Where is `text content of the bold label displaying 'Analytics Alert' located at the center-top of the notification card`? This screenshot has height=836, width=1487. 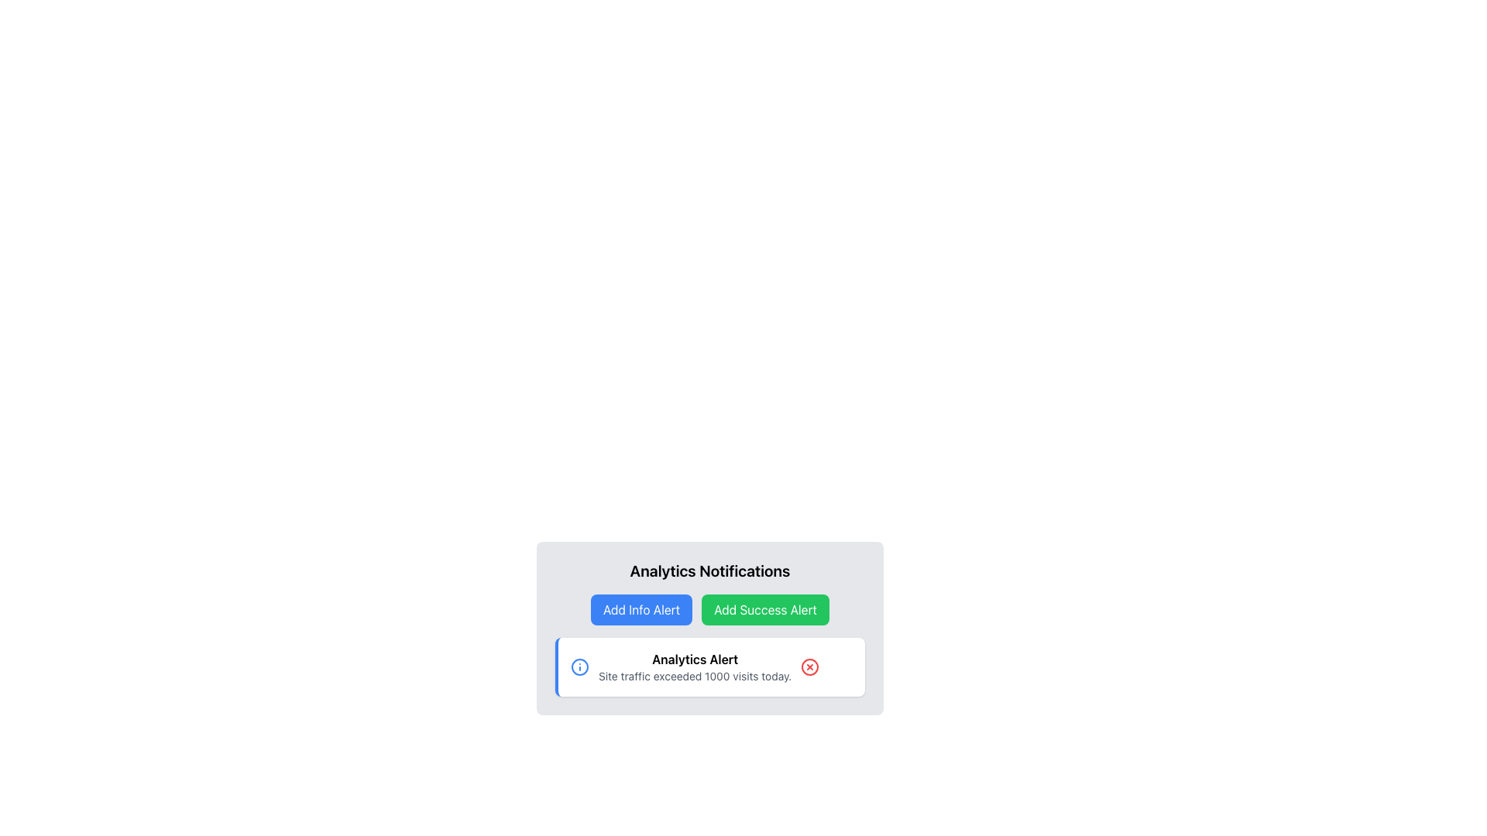
text content of the bold label displaying 'Analytics Alert' located at the center-top of the notification card is located at coordinates (694, 660).